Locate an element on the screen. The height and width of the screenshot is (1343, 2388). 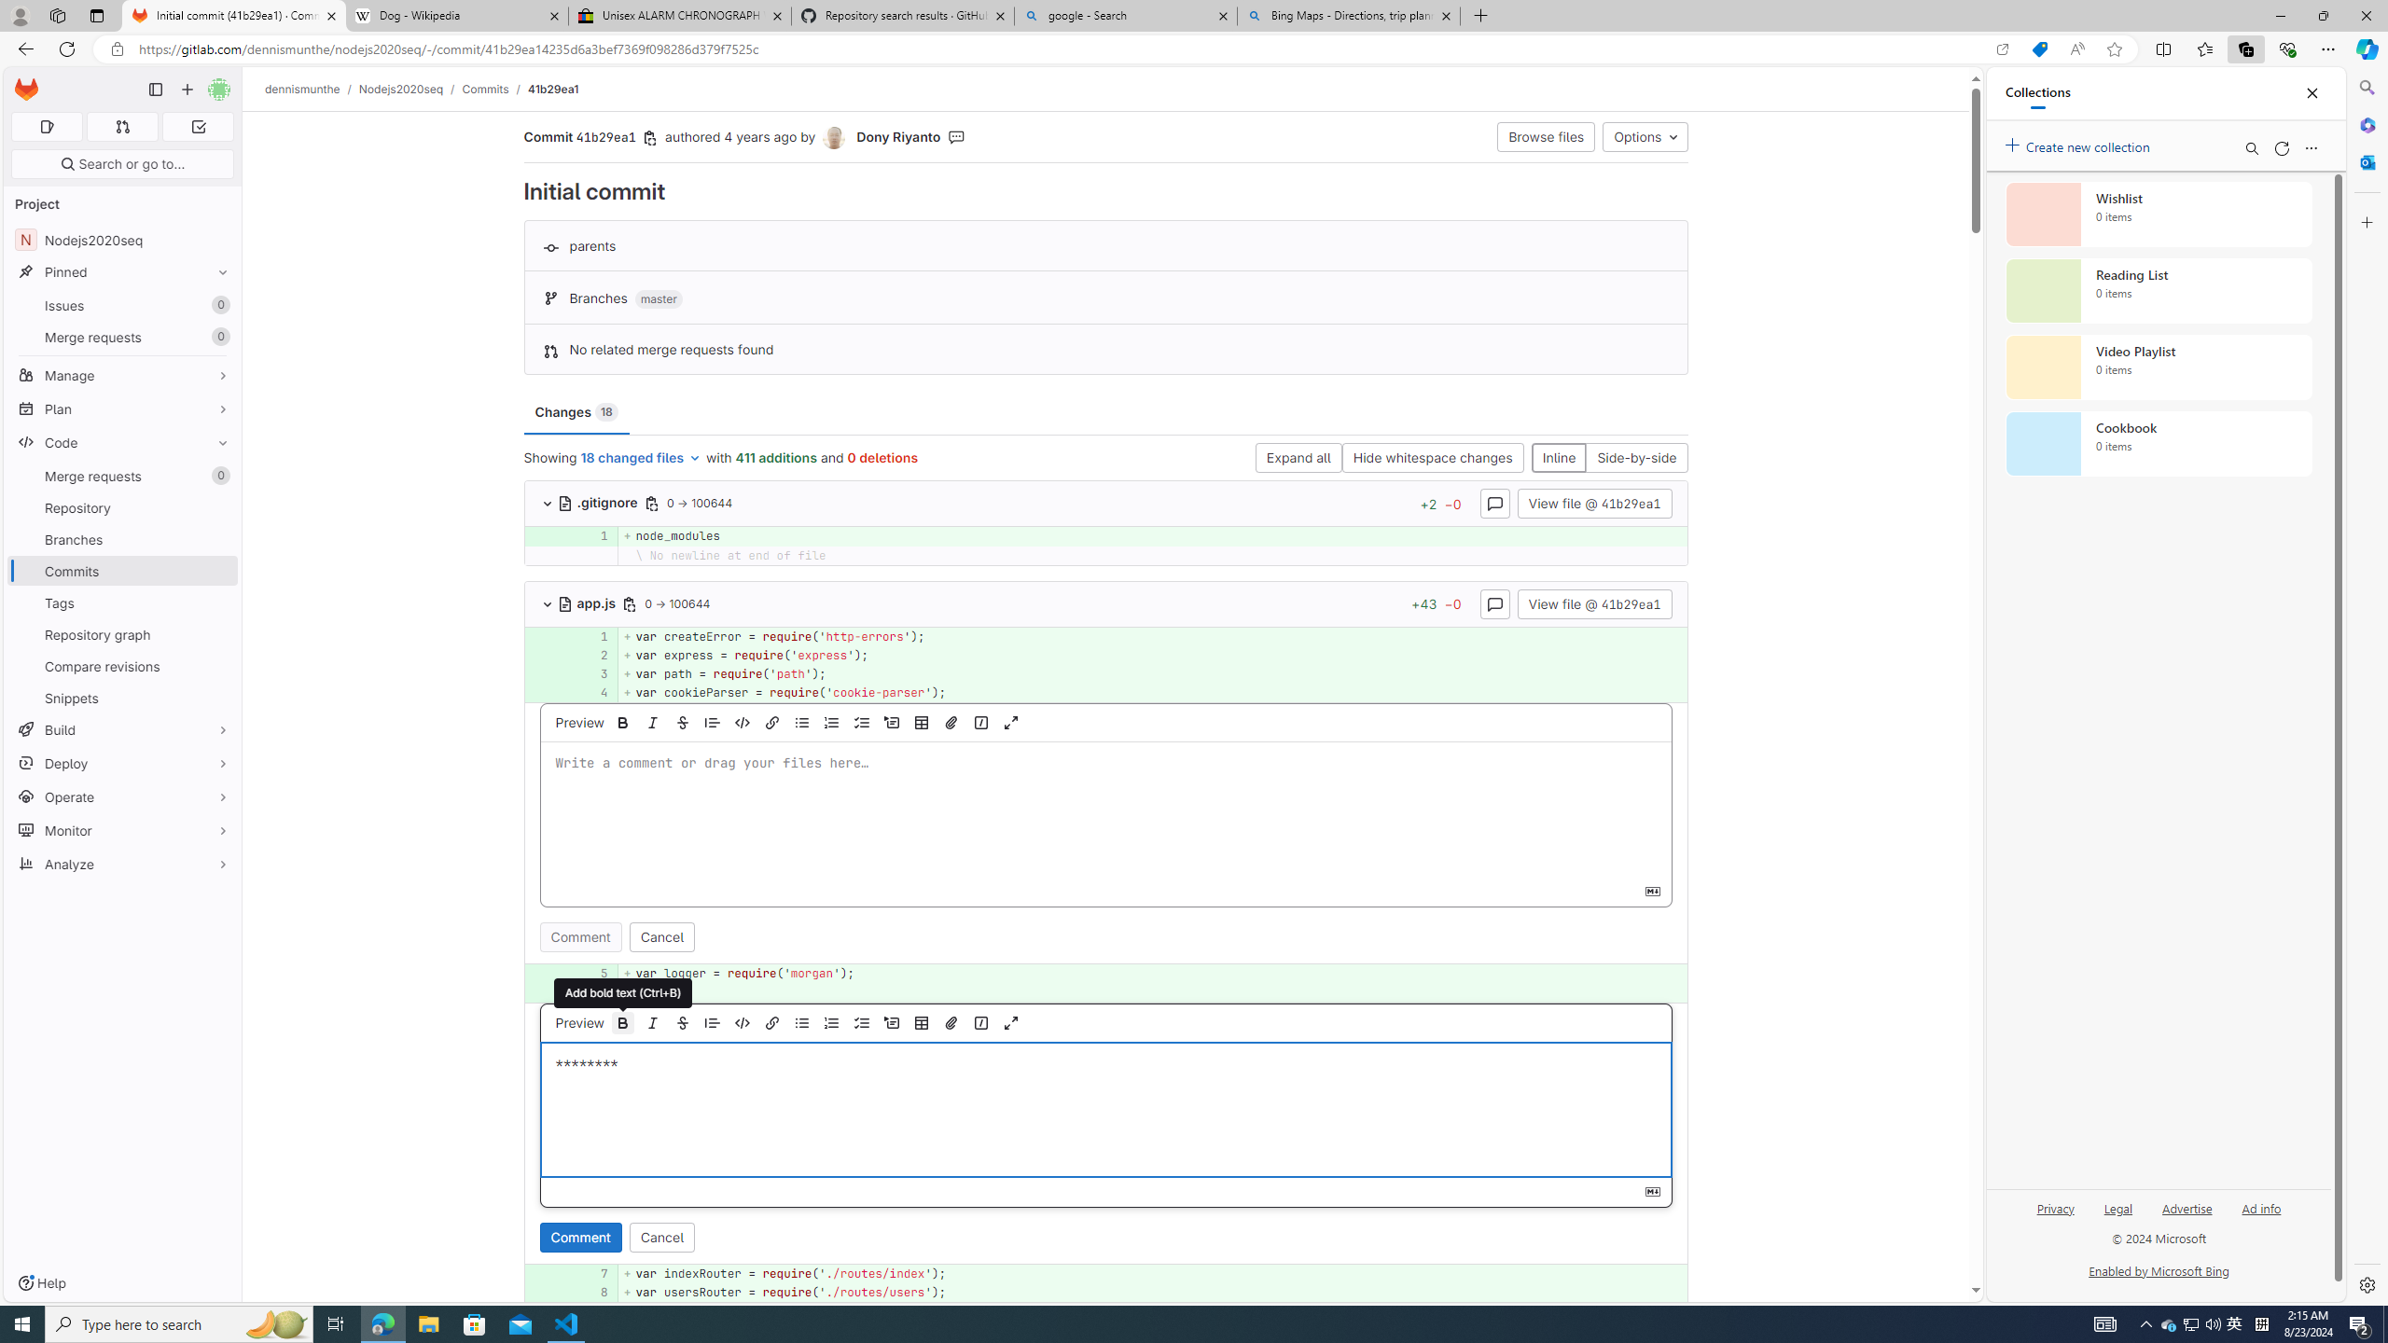
'app.js ' is located at coordinates (589, 602).